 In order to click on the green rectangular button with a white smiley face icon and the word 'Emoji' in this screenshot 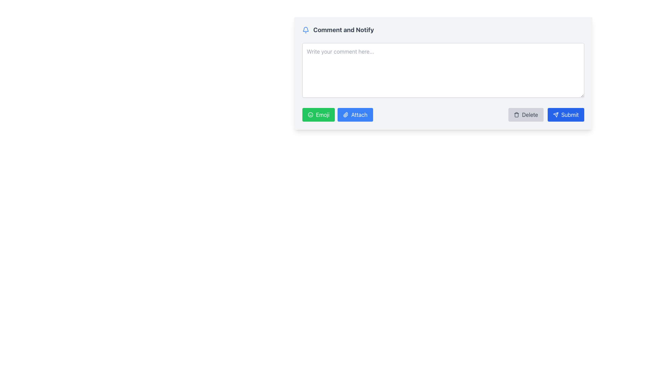, I will do `click(318, 114)`.